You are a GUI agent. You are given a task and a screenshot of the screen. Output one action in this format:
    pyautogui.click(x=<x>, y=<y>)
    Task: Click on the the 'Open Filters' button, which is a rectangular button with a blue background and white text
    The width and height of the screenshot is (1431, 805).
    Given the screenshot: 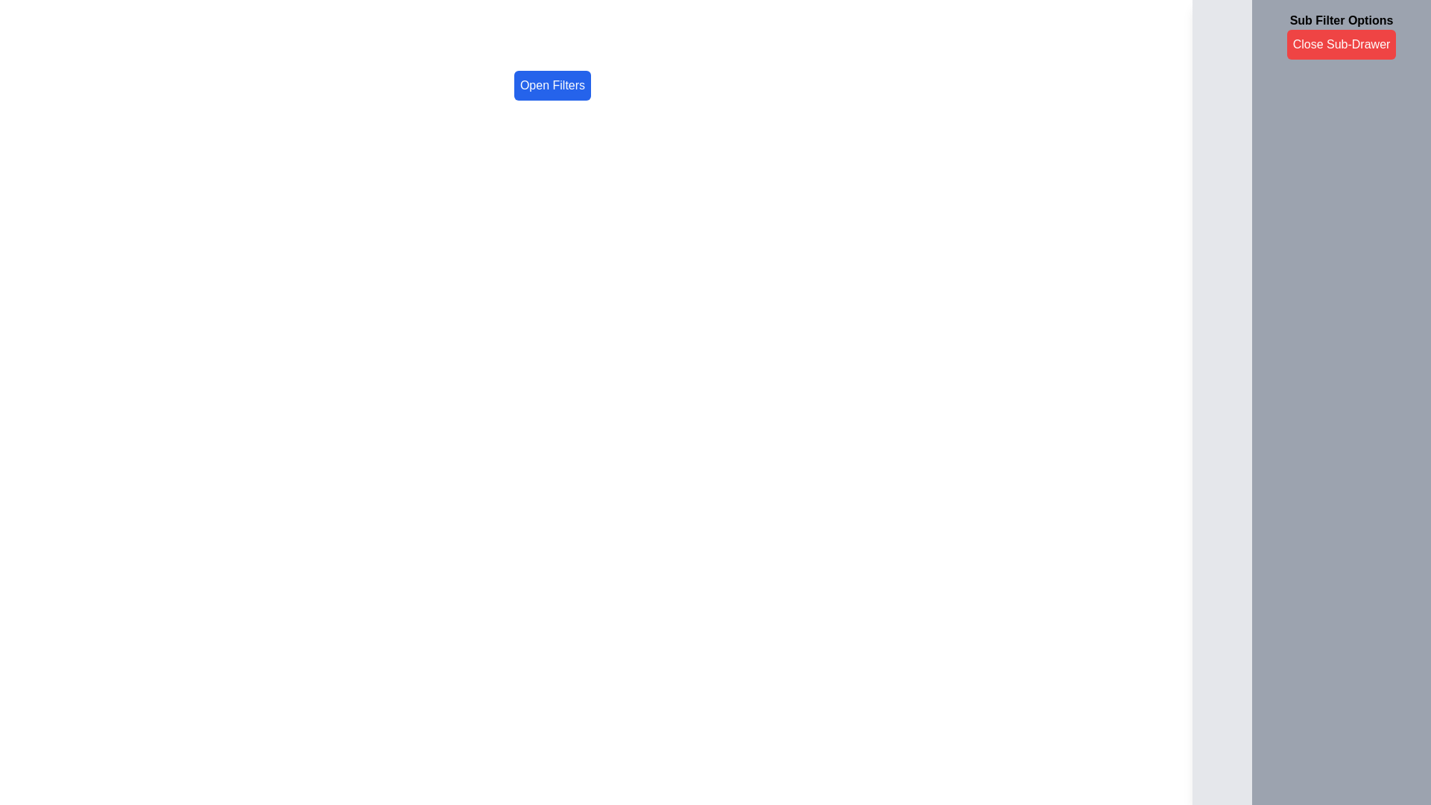 What is the action you would take?
    pyautogui.click(x=552, y=86)
    